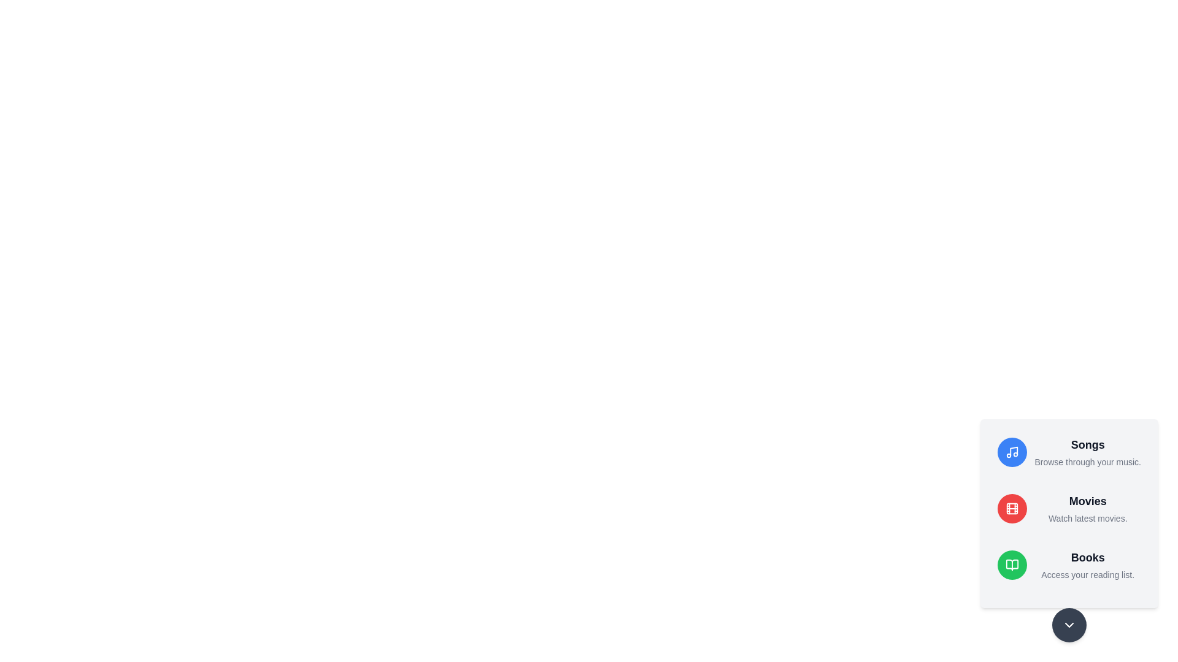 The image size is (1178, 662). What do you see at coordinates (1068, 508) in the screenshot?
I see `the media option Movies to read its description` at bounding box center [1068, 508].